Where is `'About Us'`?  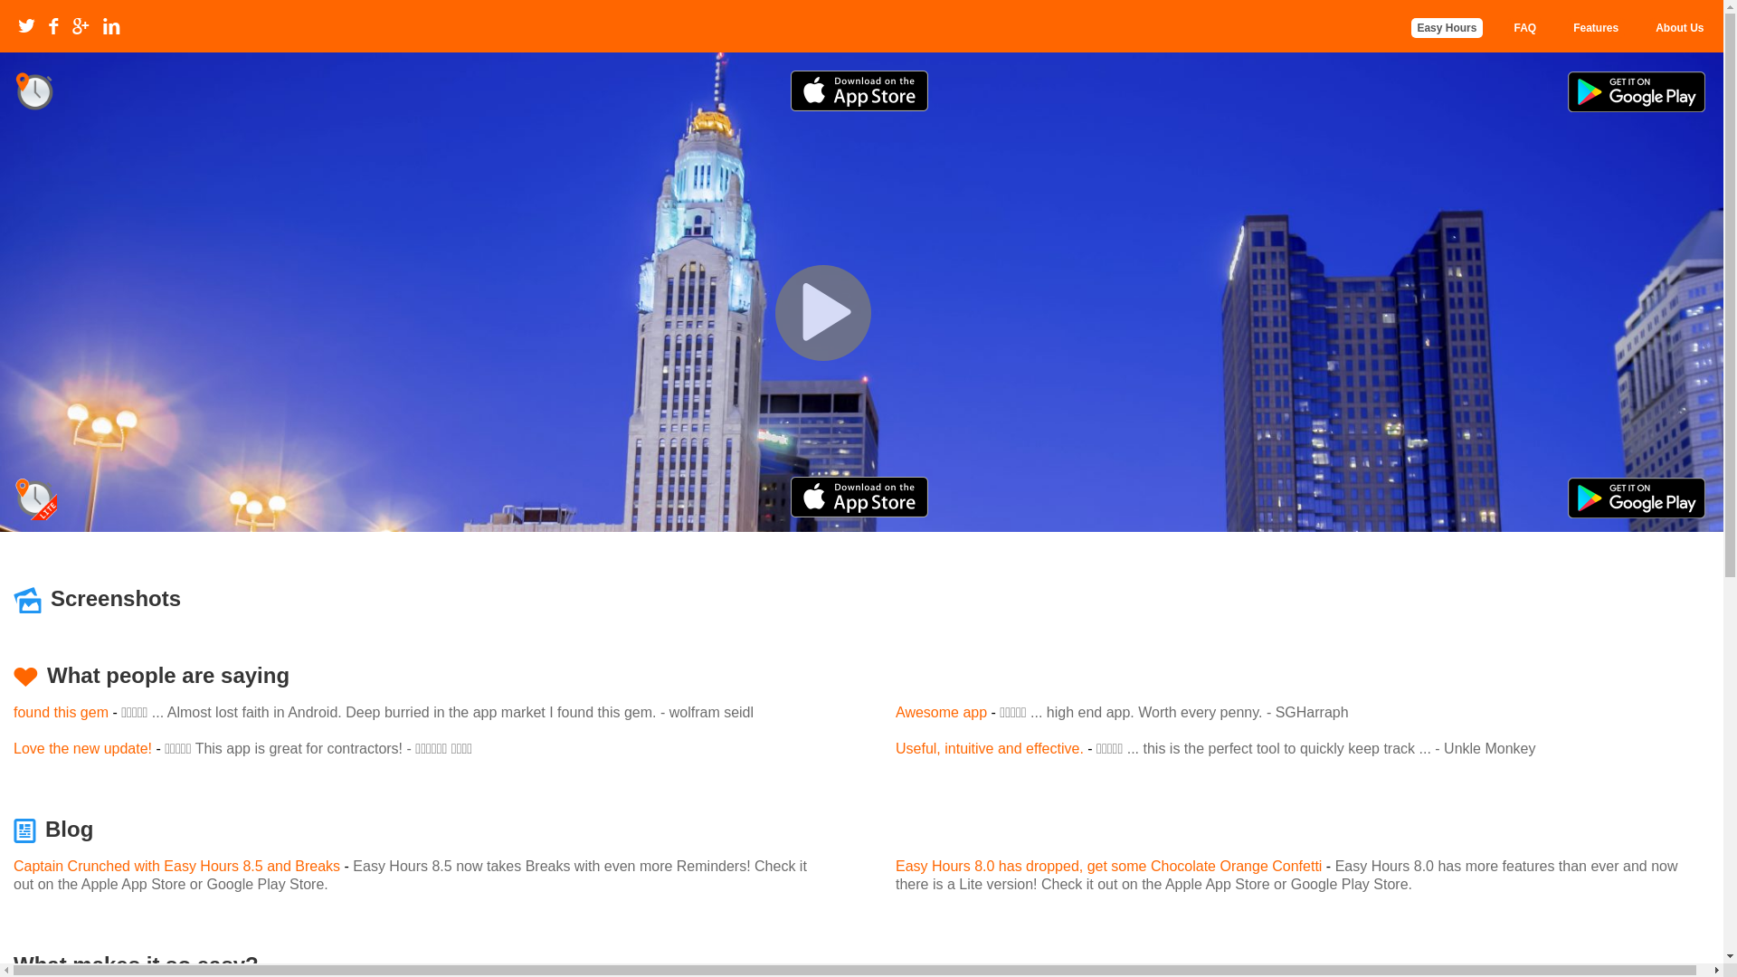 'About Us' is located at coordinates (1678, 27).